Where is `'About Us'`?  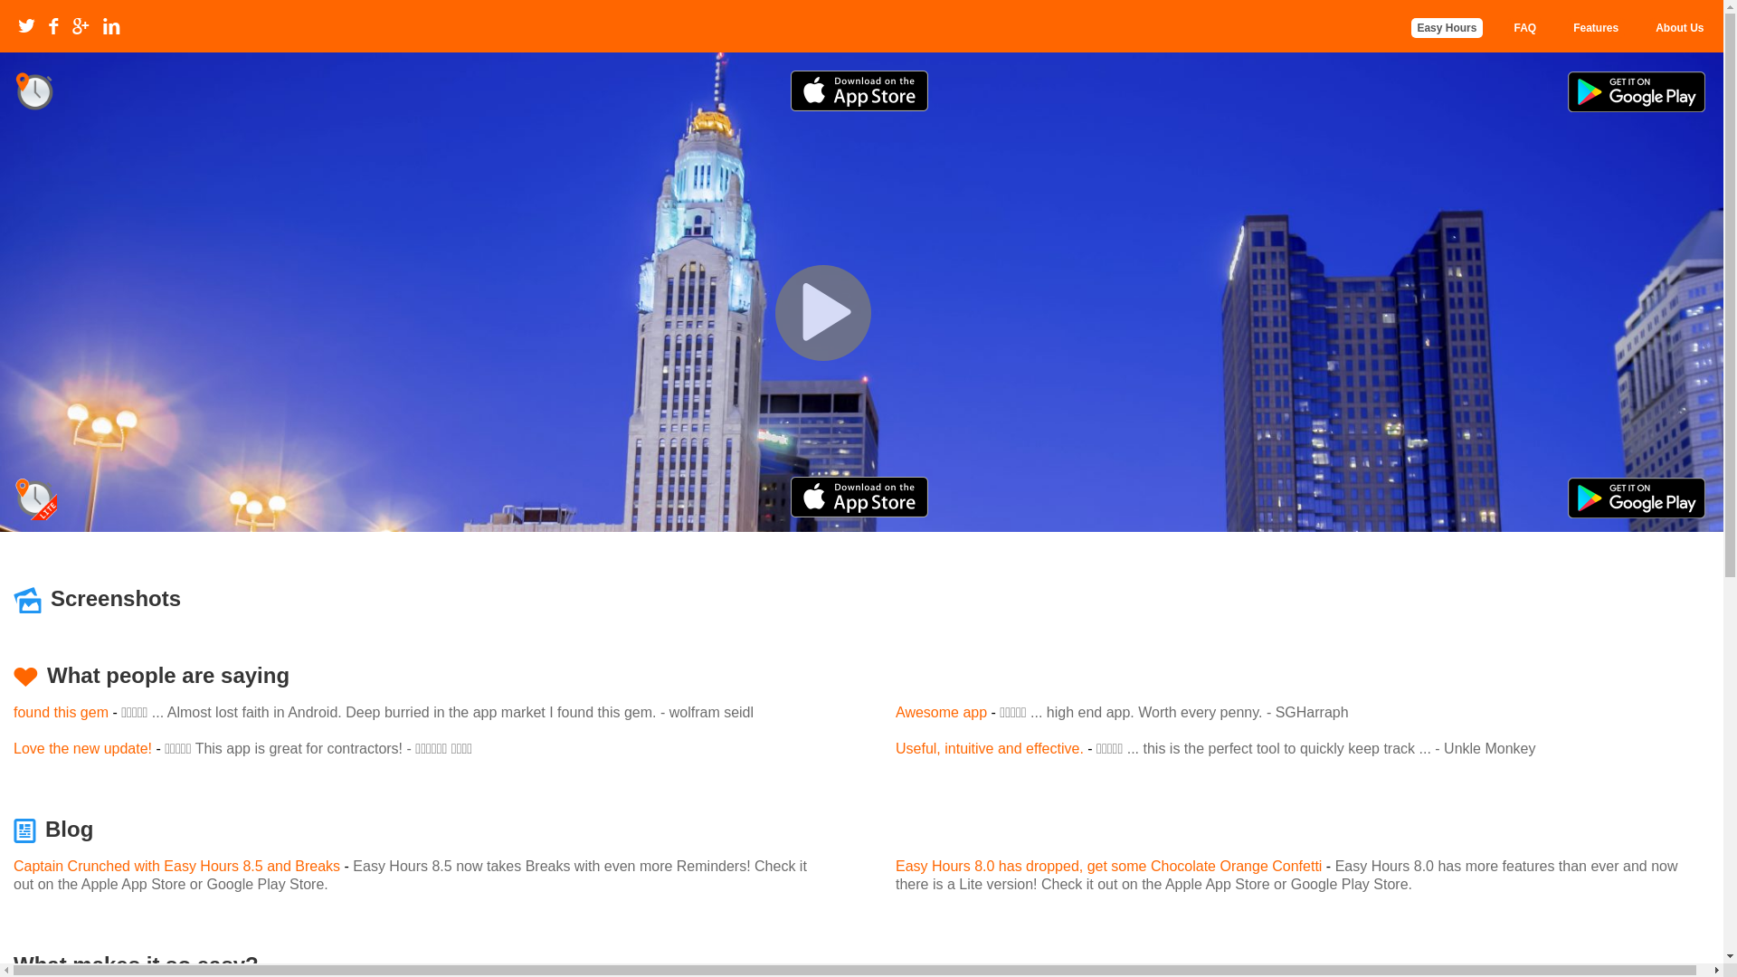 'About Us' is located at coordinates (1678, 27).